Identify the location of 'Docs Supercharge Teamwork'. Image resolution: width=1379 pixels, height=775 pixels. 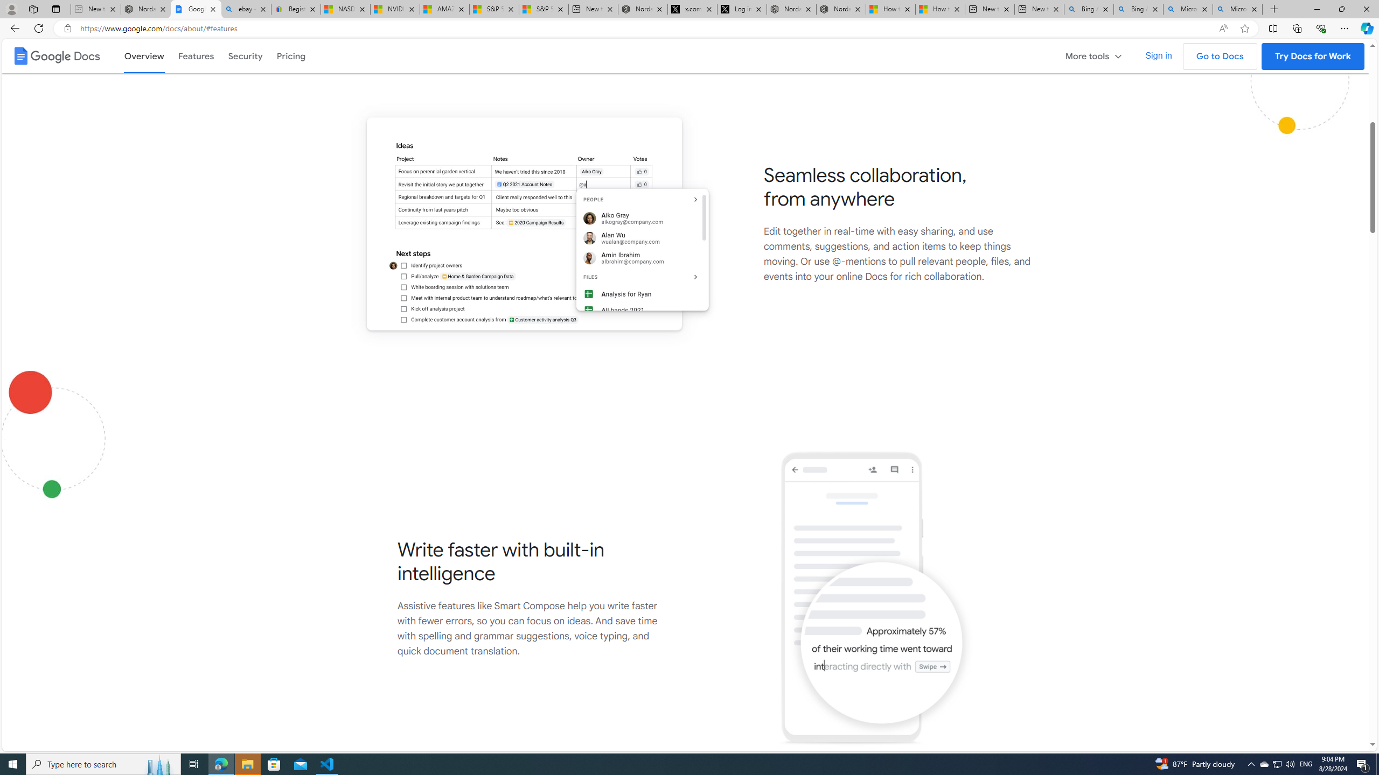
(532, 223).